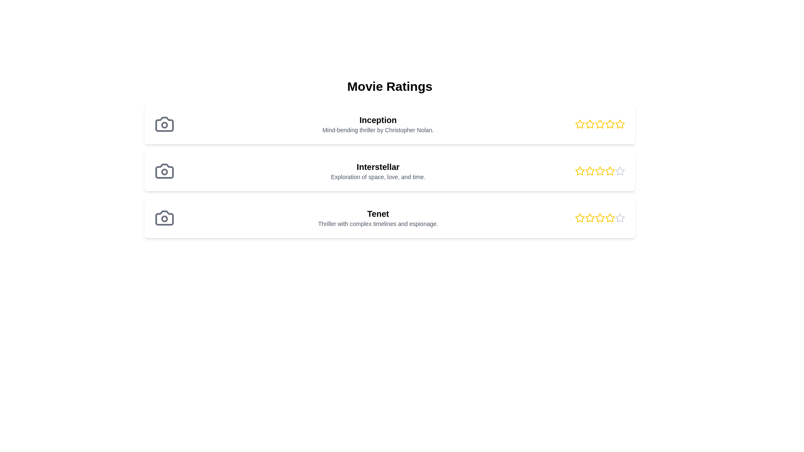 This screenshot has height=452, width=804. What do you see at coordinates (600, 217) in the screenshot?
I see `the interactive star icon for the rating mechanism associated with the 'Tenet' movie entry` at bounding box center [600, 217].